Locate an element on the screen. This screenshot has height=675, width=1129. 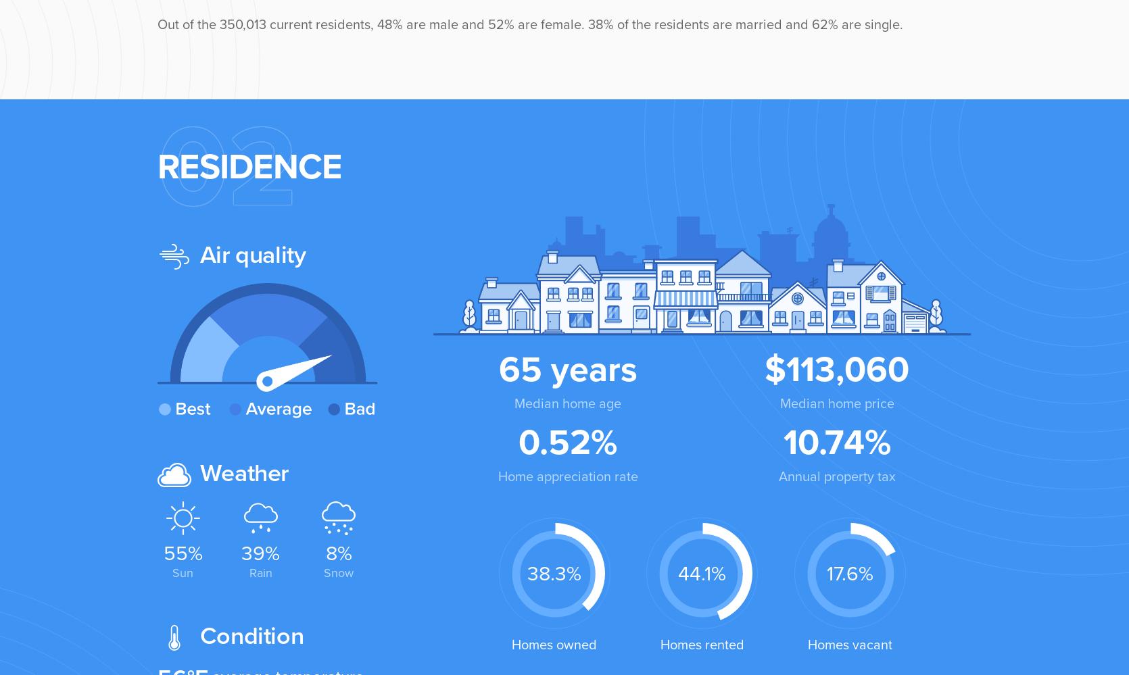
'17.6%' is located at coordinates (849, 572).